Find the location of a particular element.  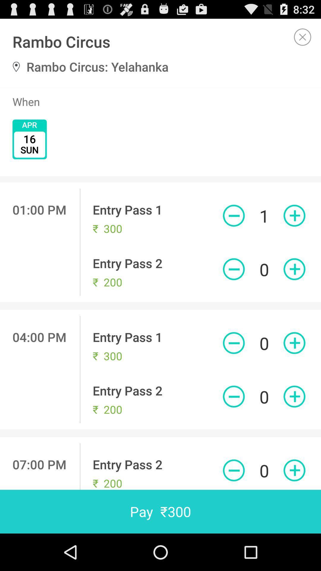

reduce the number of entry passes is located at coordinates (233, 470).